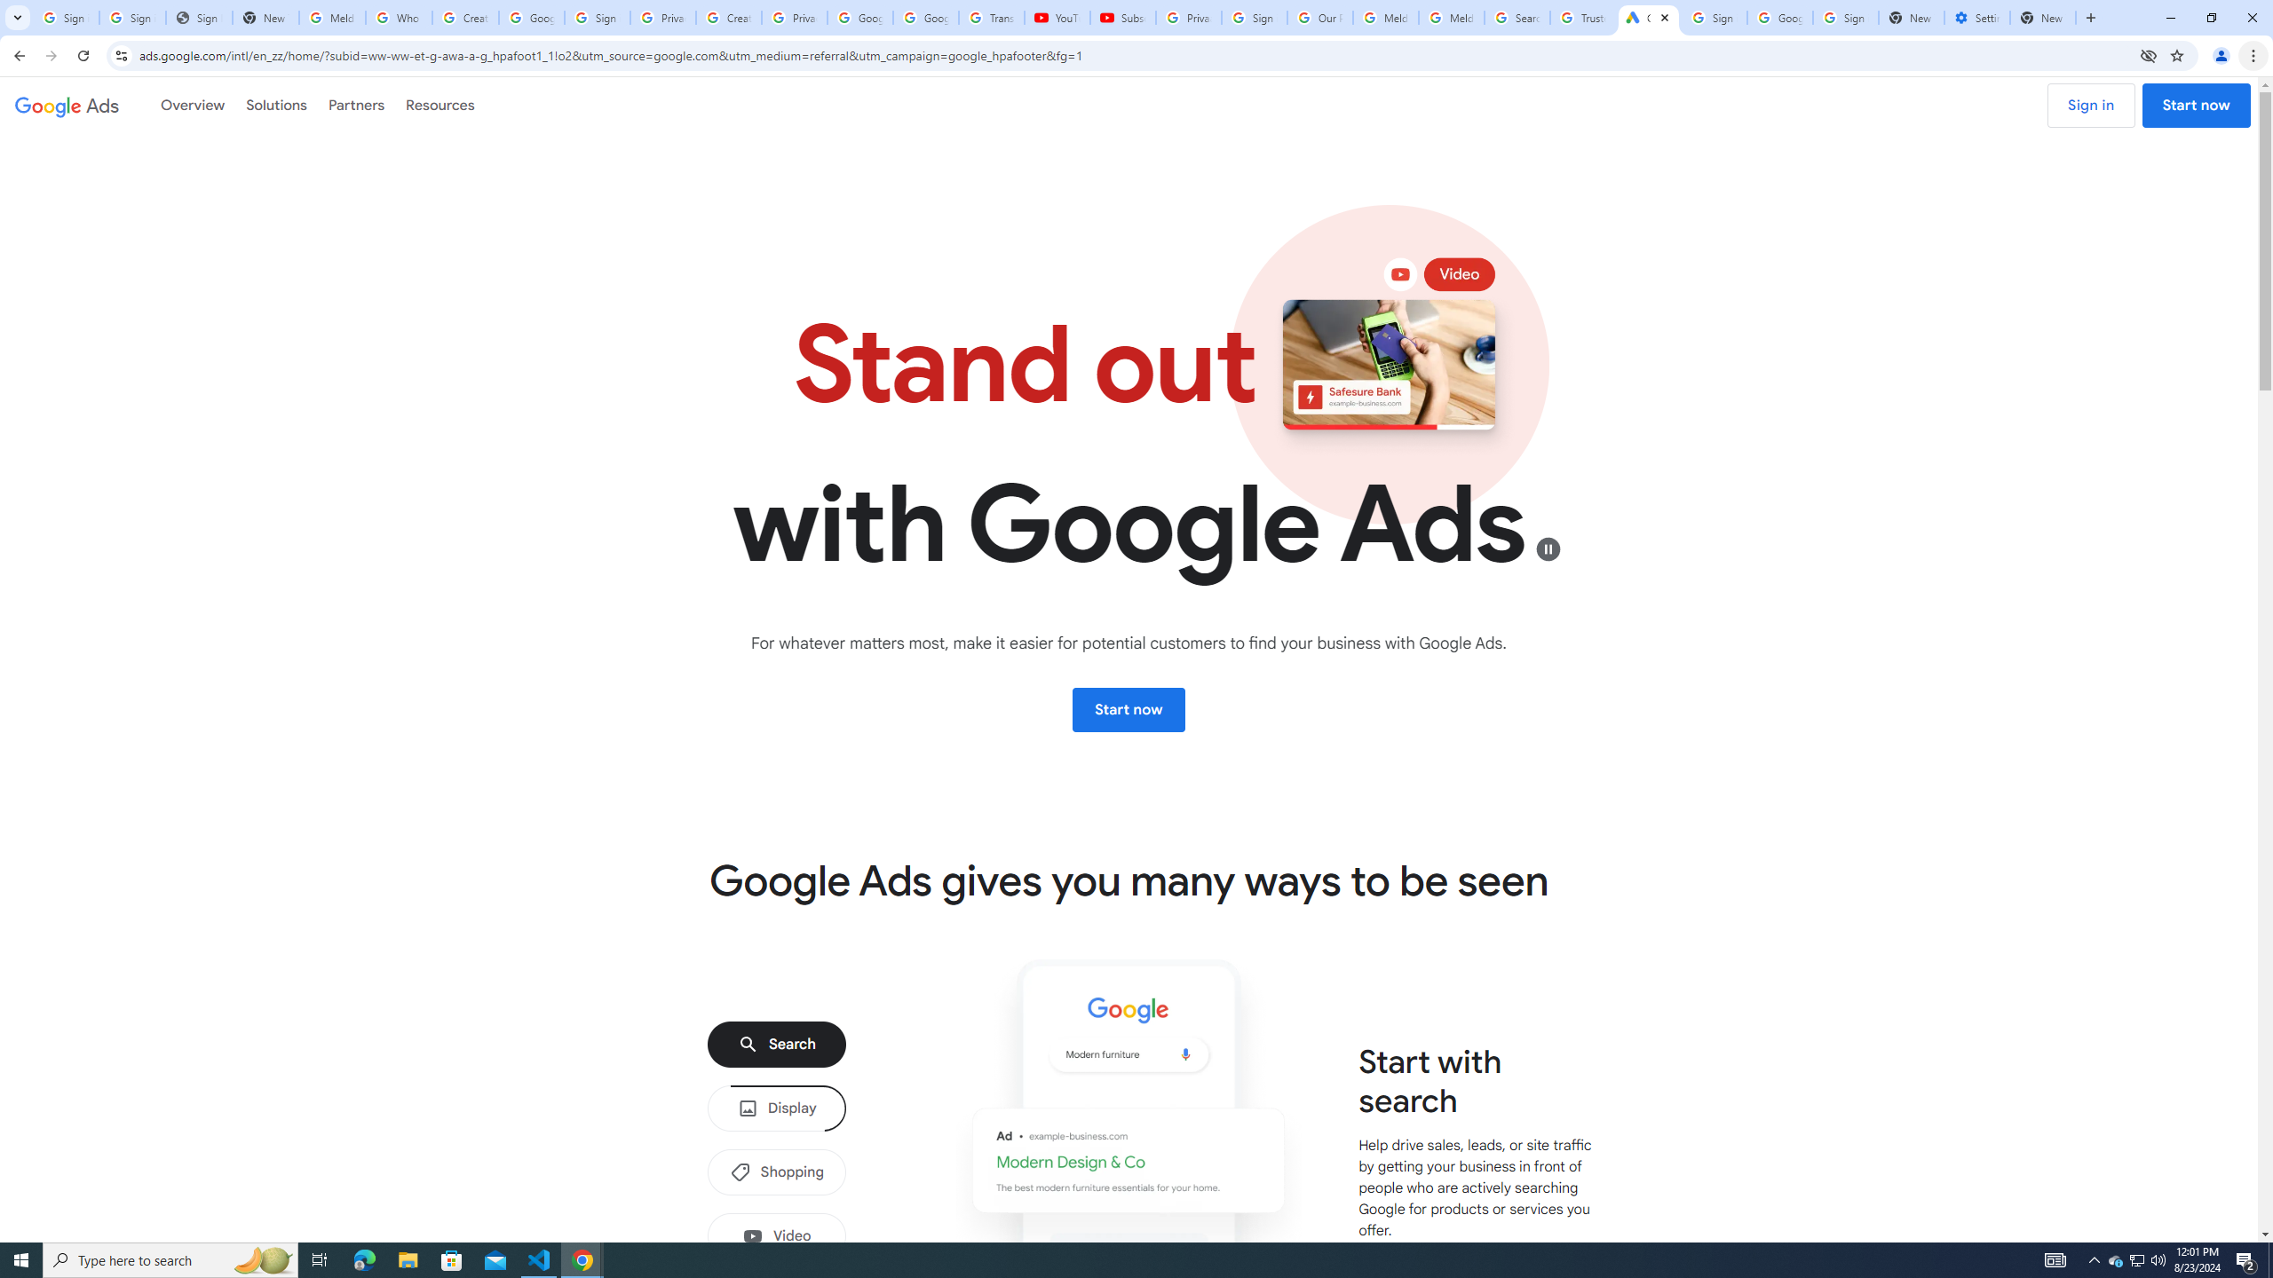  What do you see at coordinates (1057, 17) in the screenshot?
I see `'YouTube'` at bounding box center [1057, 17].